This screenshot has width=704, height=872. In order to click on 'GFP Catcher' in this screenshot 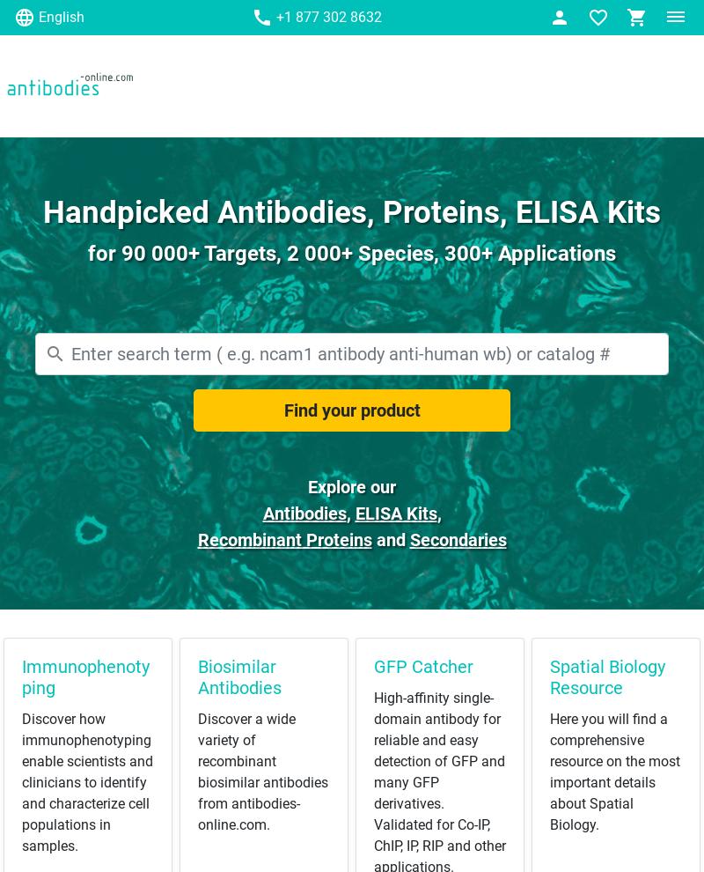, I will do `click(423, 666)`.